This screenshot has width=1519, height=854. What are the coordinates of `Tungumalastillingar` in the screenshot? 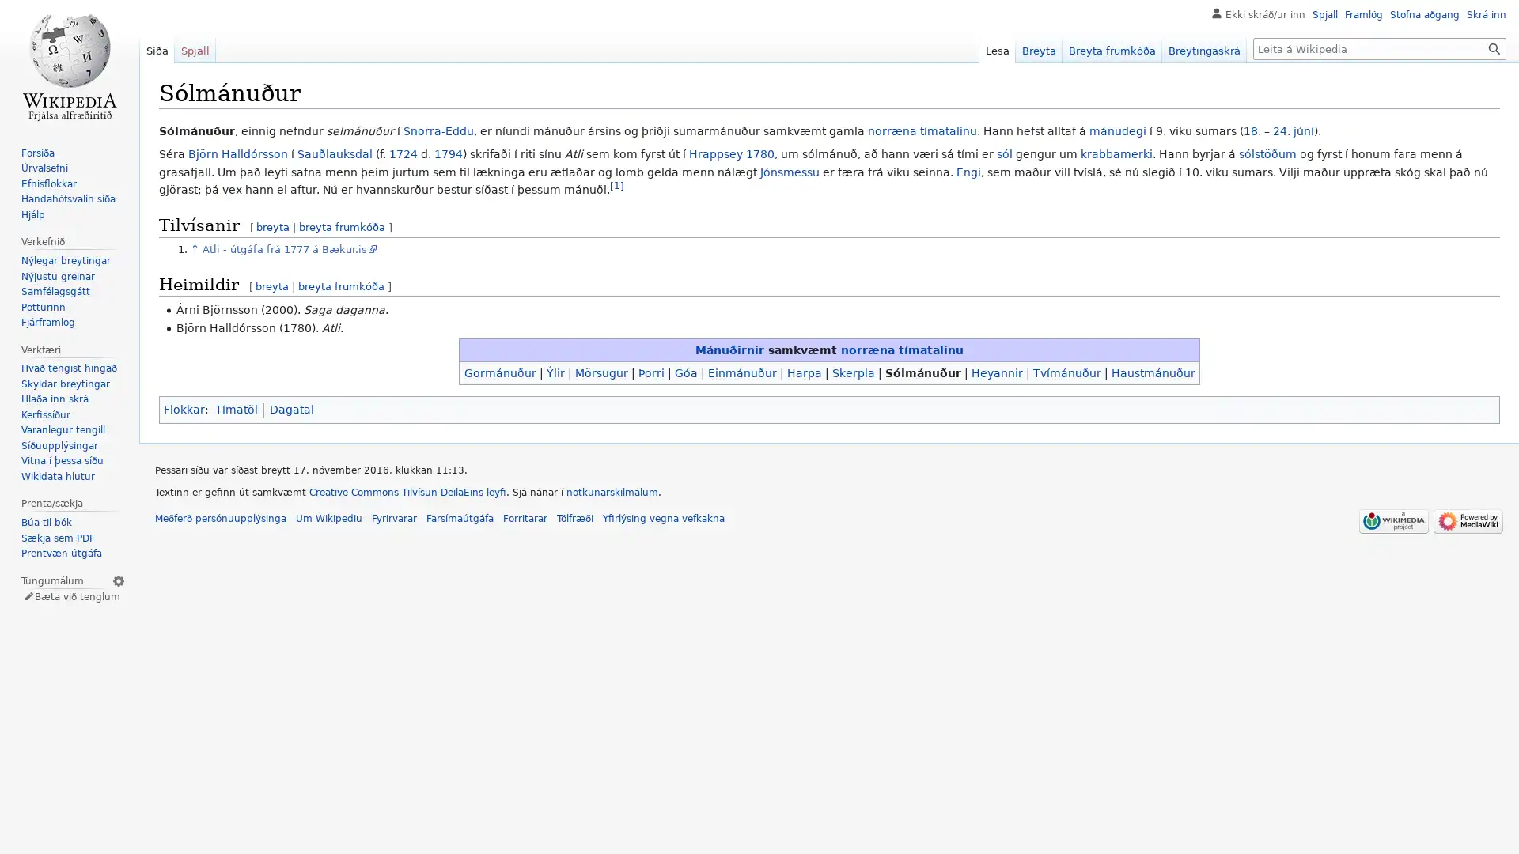 It's located at (117, 580).